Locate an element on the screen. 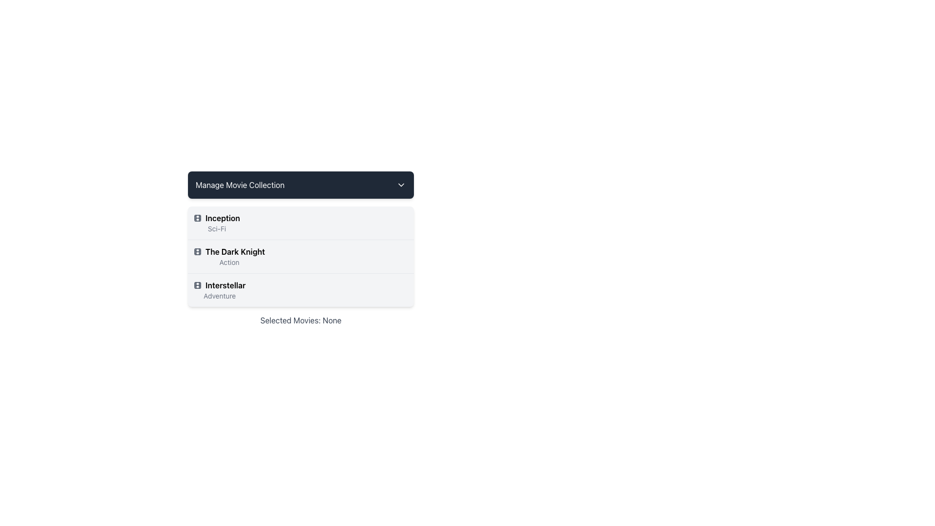 Image resolution: width=935 pixels, height=526 pixels. the non-interactive icon indicating the movie title 'Interstellar', located to the left of the text 'Interstellar' and above the description 'Adventure' is located at coordinates (197, 285).